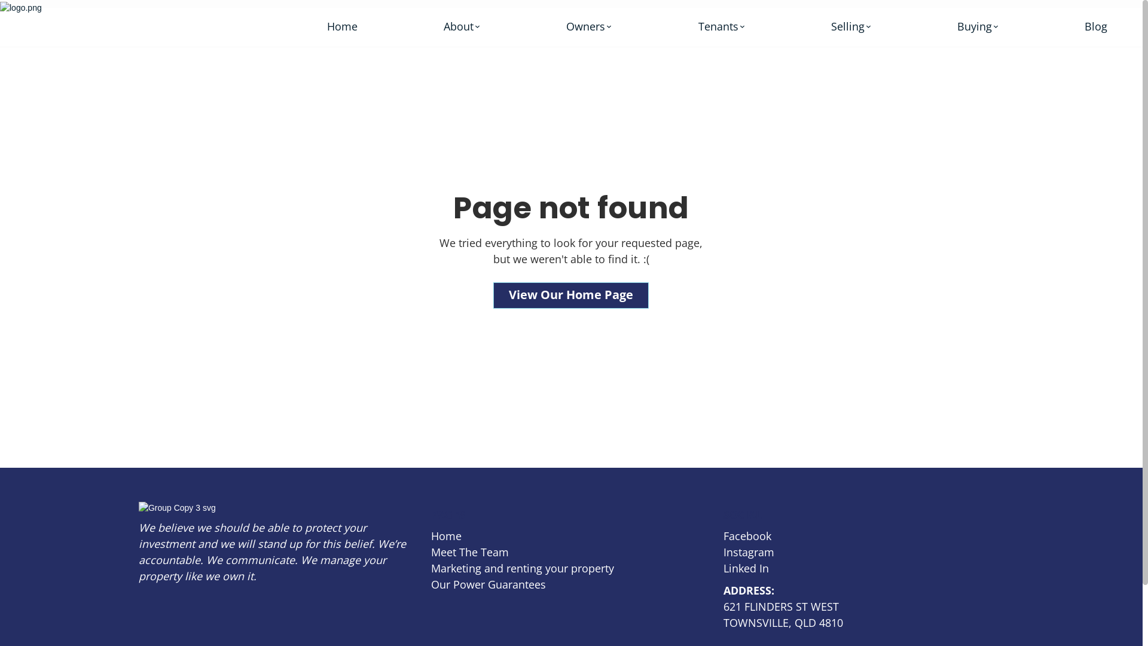 This screenshot has width=1148, height=646. I want to click on 'Buying', so click(978, 26).